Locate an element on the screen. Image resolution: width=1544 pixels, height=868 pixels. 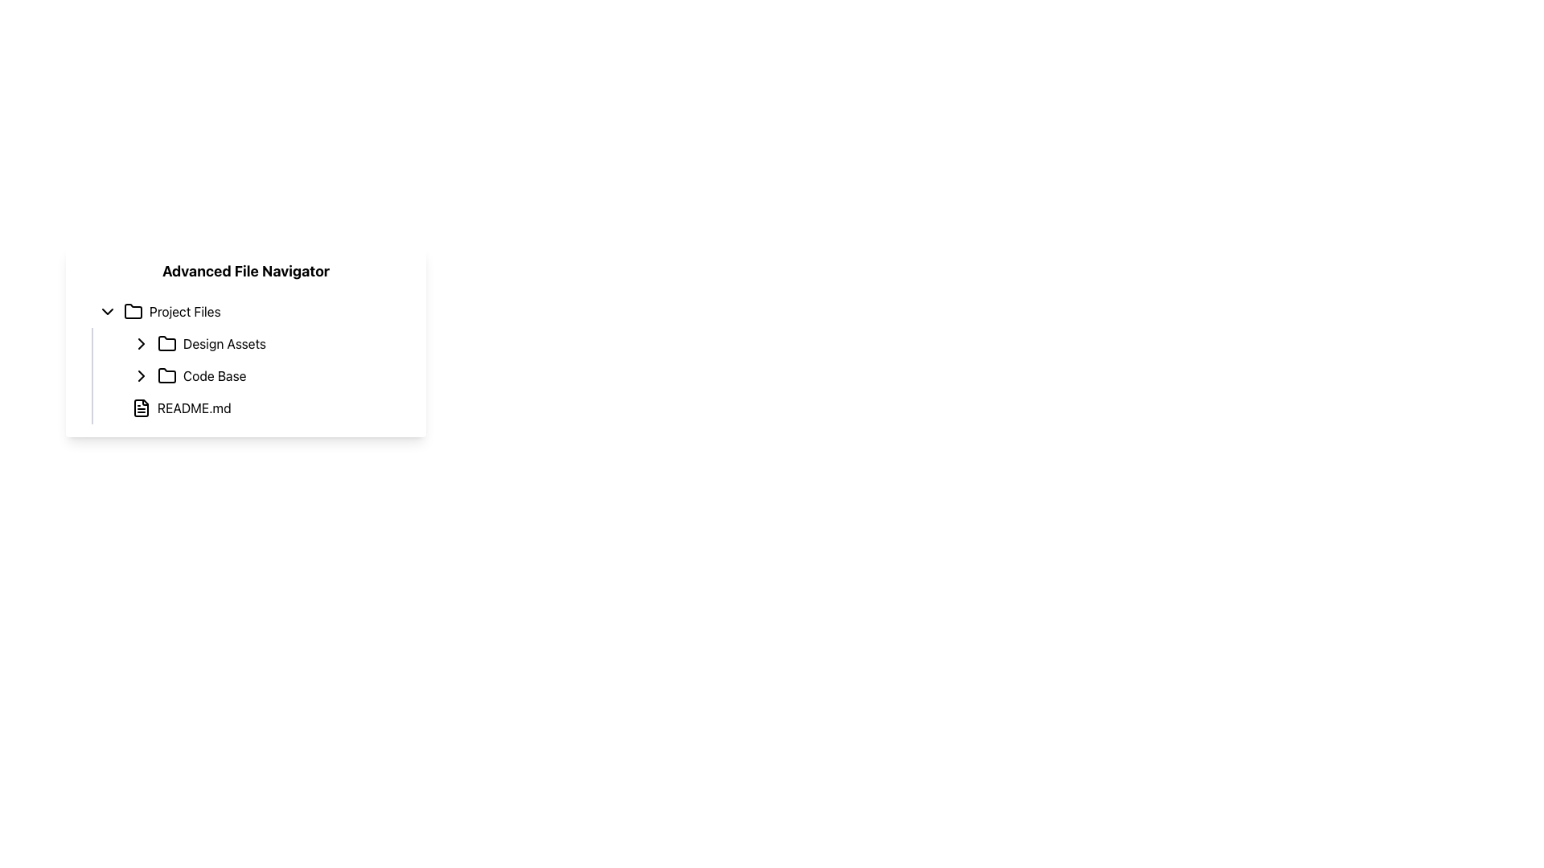
the static text label that indicates a selectable folder or category within the file navigator, positioned below 'Project Files' and above 'Code Base' is located at coordinates (224, 343).